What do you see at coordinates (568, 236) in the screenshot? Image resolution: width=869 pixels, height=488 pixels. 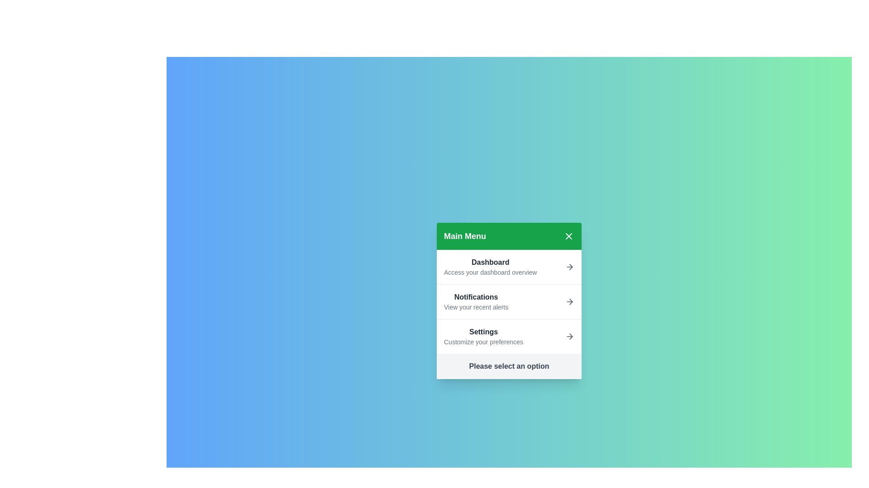 I see `toggle button to open or close the menu` at bounding box center [568, 236].